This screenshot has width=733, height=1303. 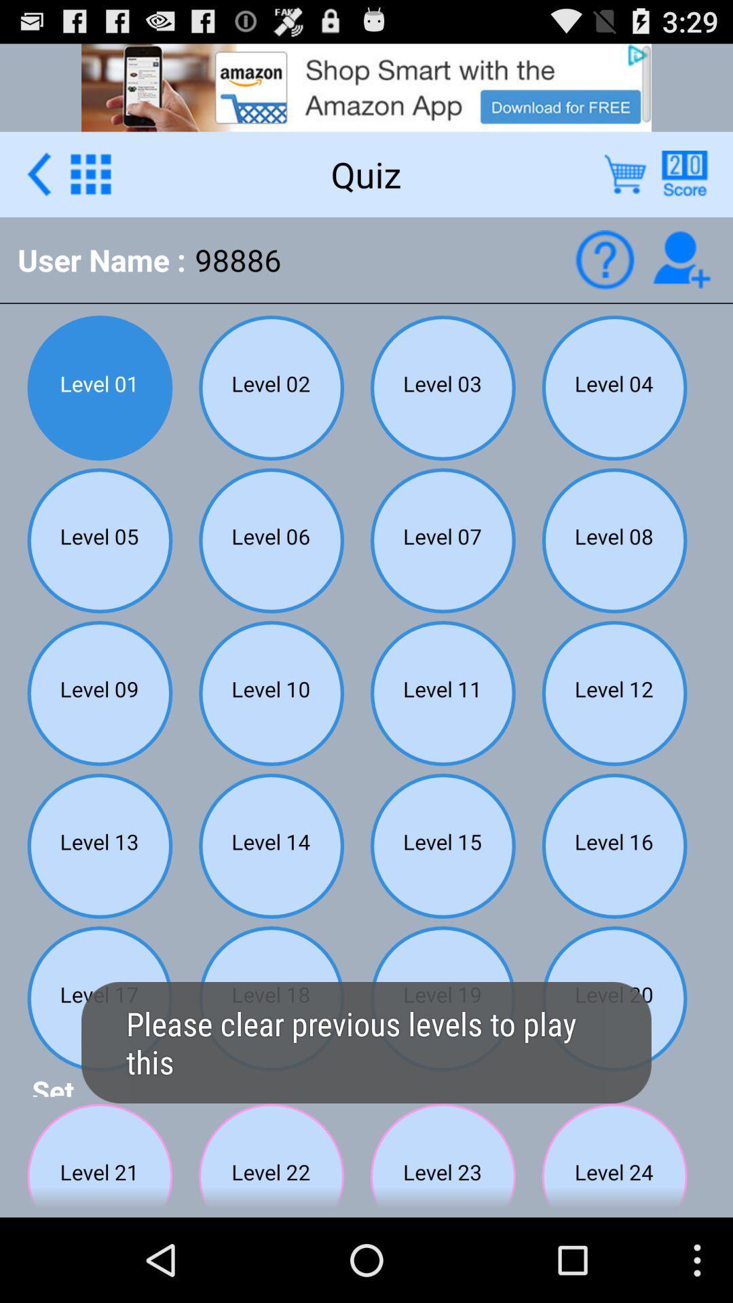 I want to click on a friend, so click(x=681, y=259).